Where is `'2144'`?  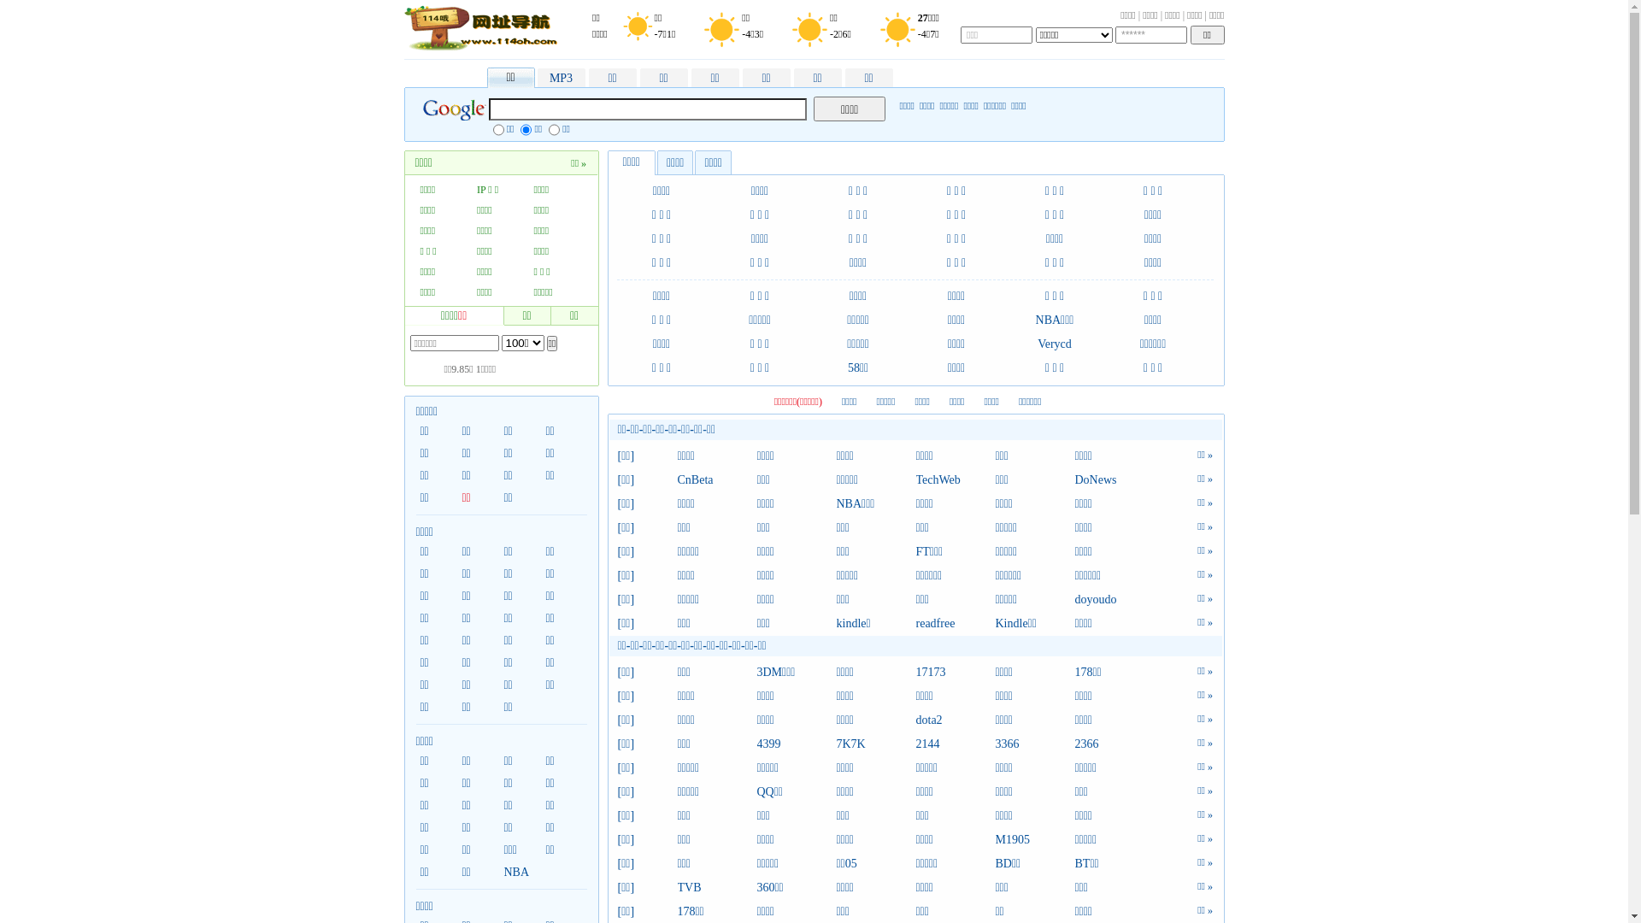
'2144' is located at coordinates (955, 744).